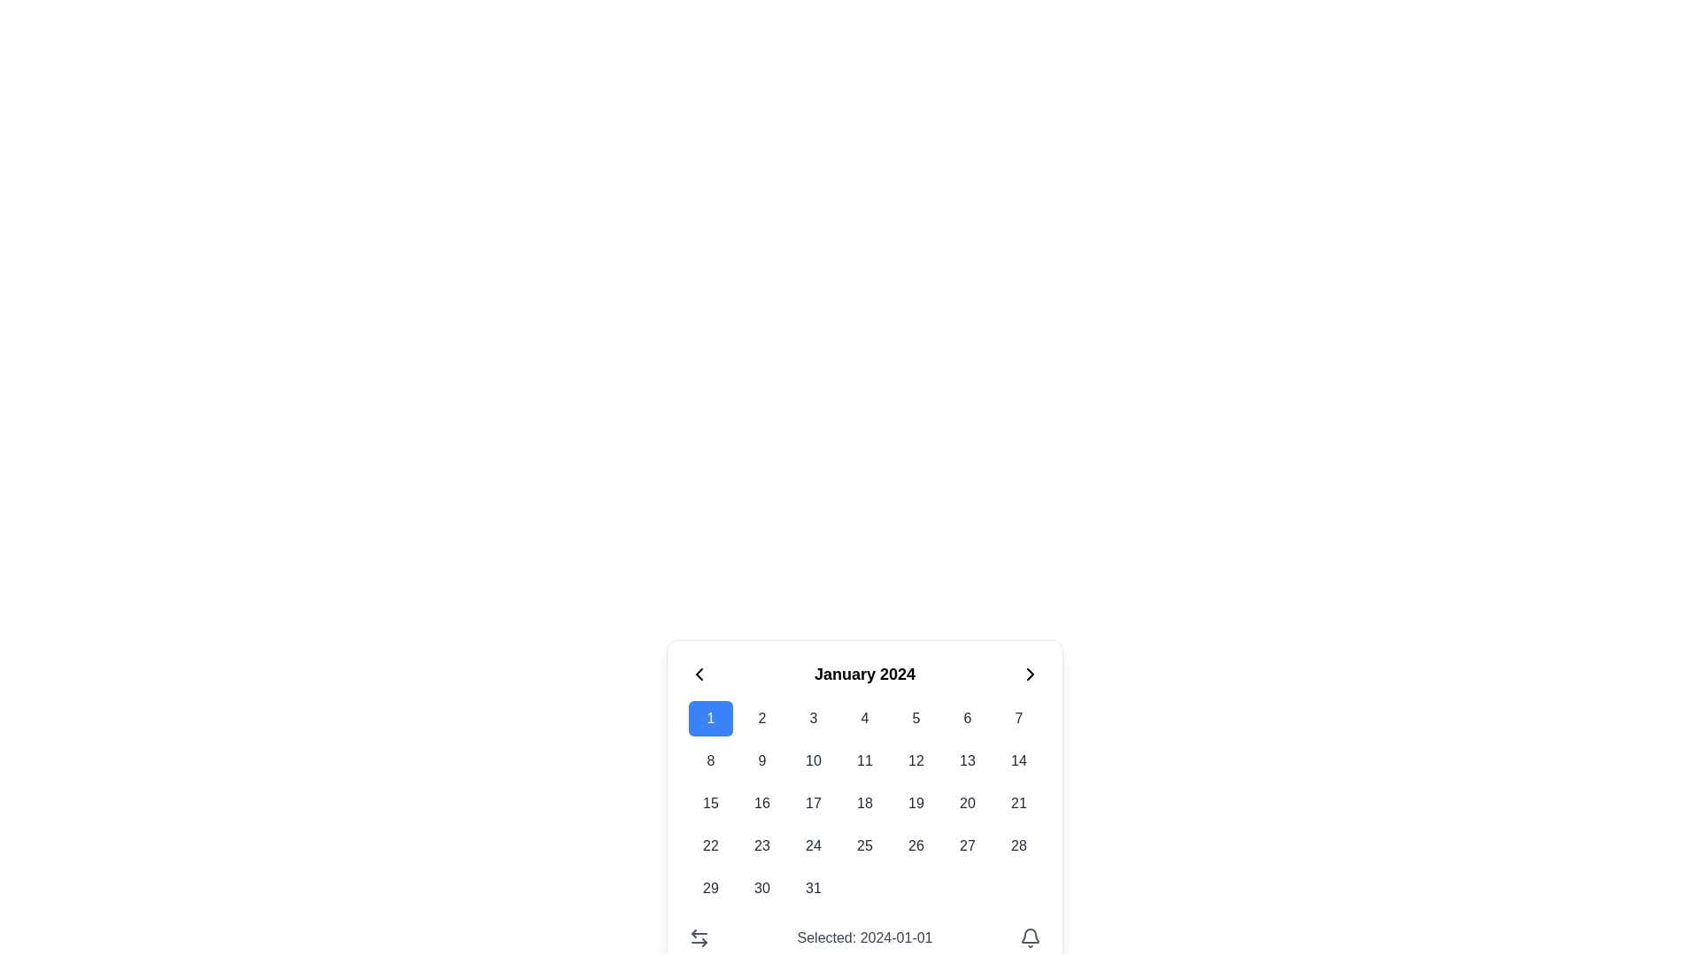 The image size is (1700, 956). I want to click on the icon located on the top-right corner of the calendar interface to advance the displayed calendar view to the next month, so click(1030, 675).